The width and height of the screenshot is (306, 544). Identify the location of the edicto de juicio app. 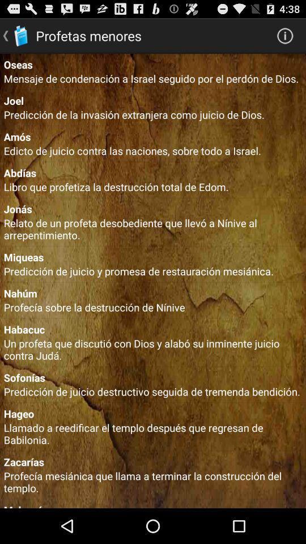
(153, 150).